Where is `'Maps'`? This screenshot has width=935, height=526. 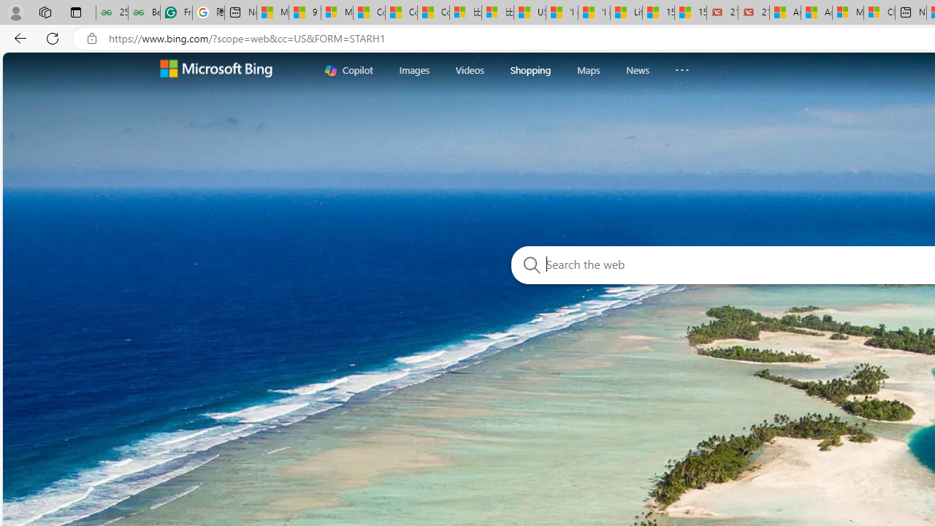 'Maps' is located at coordinates (588, 69).